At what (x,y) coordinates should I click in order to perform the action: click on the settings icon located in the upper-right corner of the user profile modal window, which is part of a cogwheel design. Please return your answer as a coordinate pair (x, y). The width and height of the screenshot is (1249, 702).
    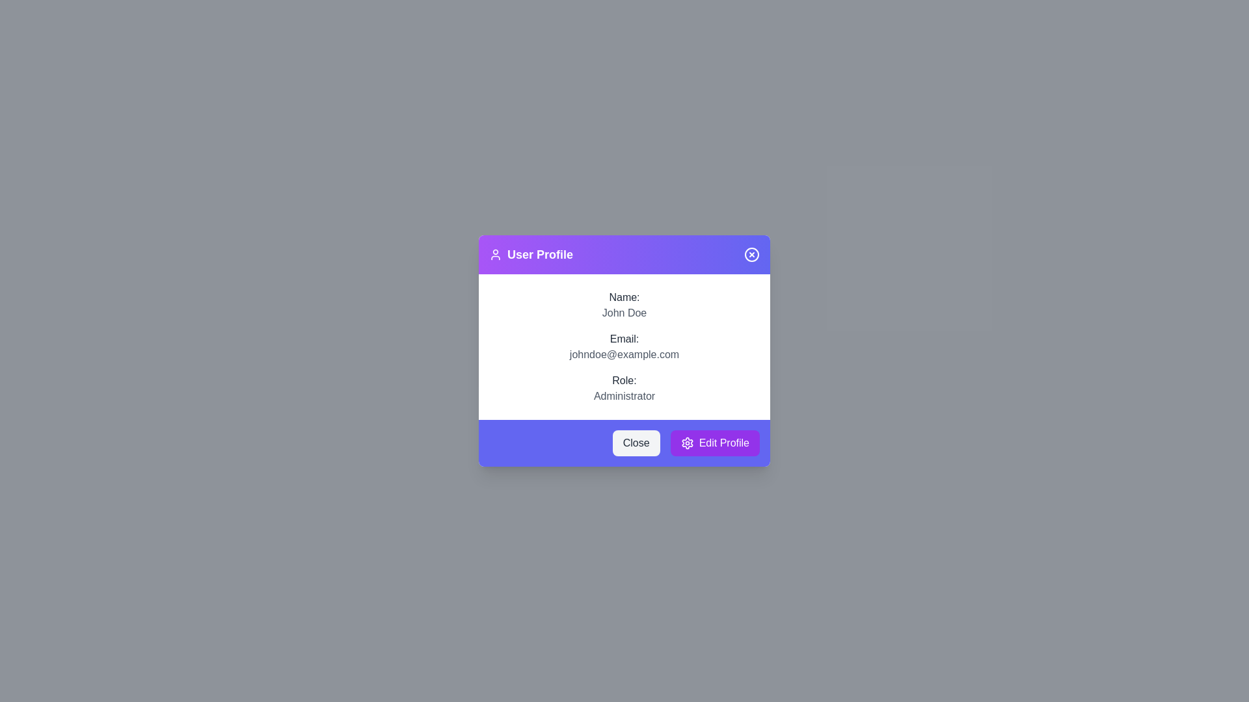
    Looking at the image, I should click on (686, 443).